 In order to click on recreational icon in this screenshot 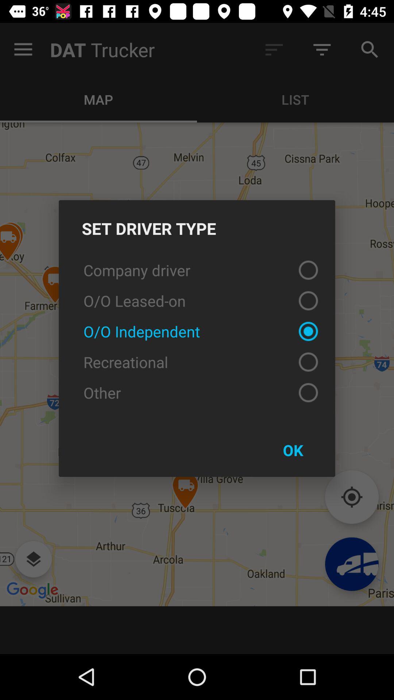, I will do `click(197, 362)`.